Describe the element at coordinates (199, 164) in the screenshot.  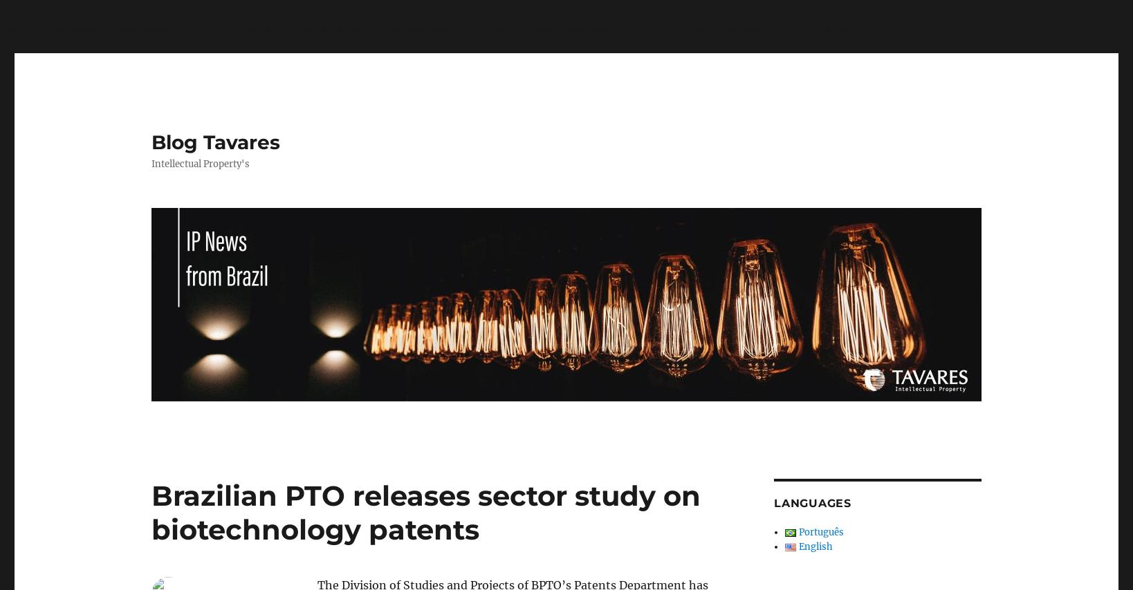
I see `'Intellectual Property's'` at that location.